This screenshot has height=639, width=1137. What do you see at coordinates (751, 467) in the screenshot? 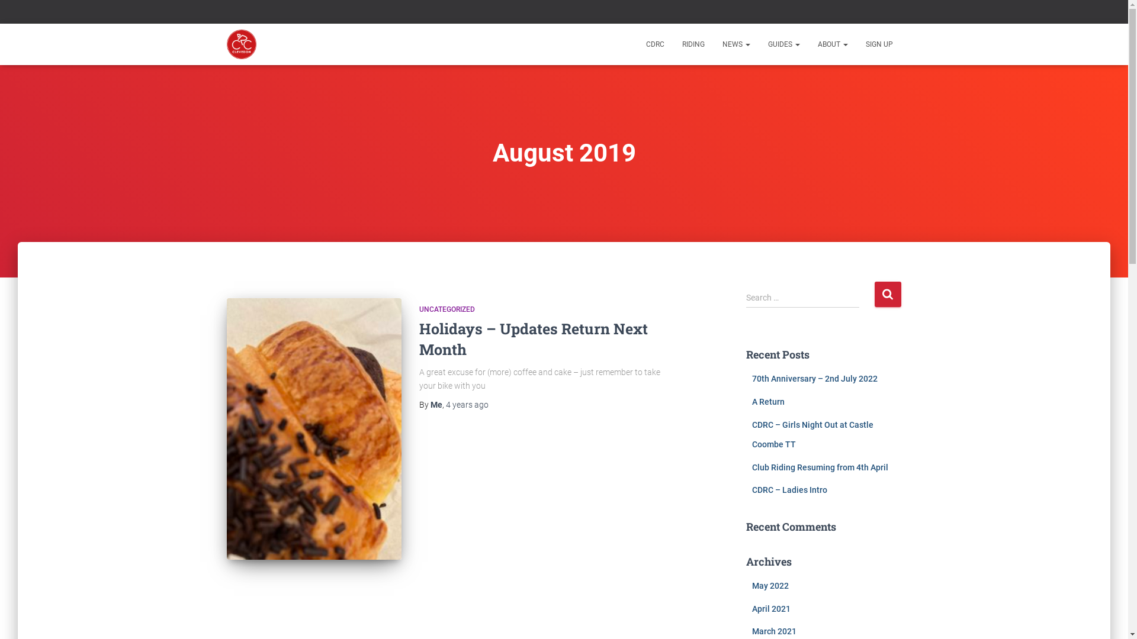
I see `'Club Riding Resuming from 4th April'` at bounding box center [751, 467].